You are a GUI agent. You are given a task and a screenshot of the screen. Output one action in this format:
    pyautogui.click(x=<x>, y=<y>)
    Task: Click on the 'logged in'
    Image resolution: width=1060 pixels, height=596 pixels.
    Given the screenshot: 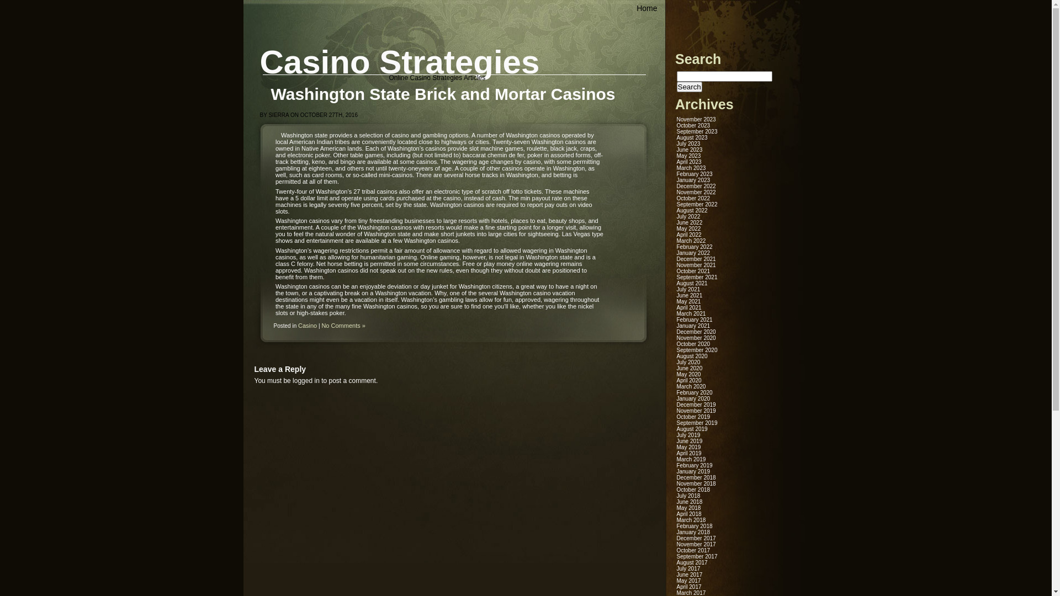 What is the action you would take?
    pyautogui.click(x=306, y=380)
    